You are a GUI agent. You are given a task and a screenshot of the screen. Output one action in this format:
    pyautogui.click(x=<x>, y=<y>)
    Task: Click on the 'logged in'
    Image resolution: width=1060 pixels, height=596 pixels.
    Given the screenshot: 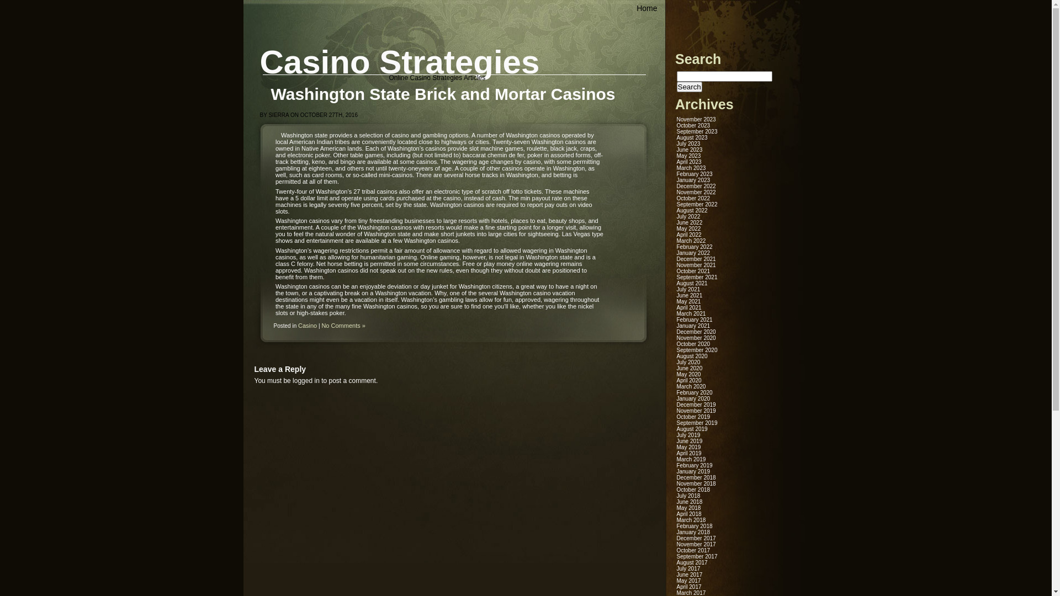 What is the action you would take?
    pyautogui.click(x=306, y=380)
    